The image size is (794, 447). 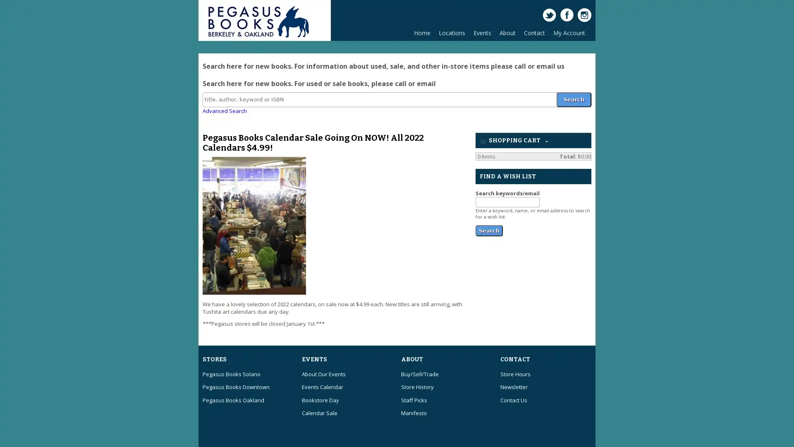 I want to click on Search, so click(x=573, y=99).